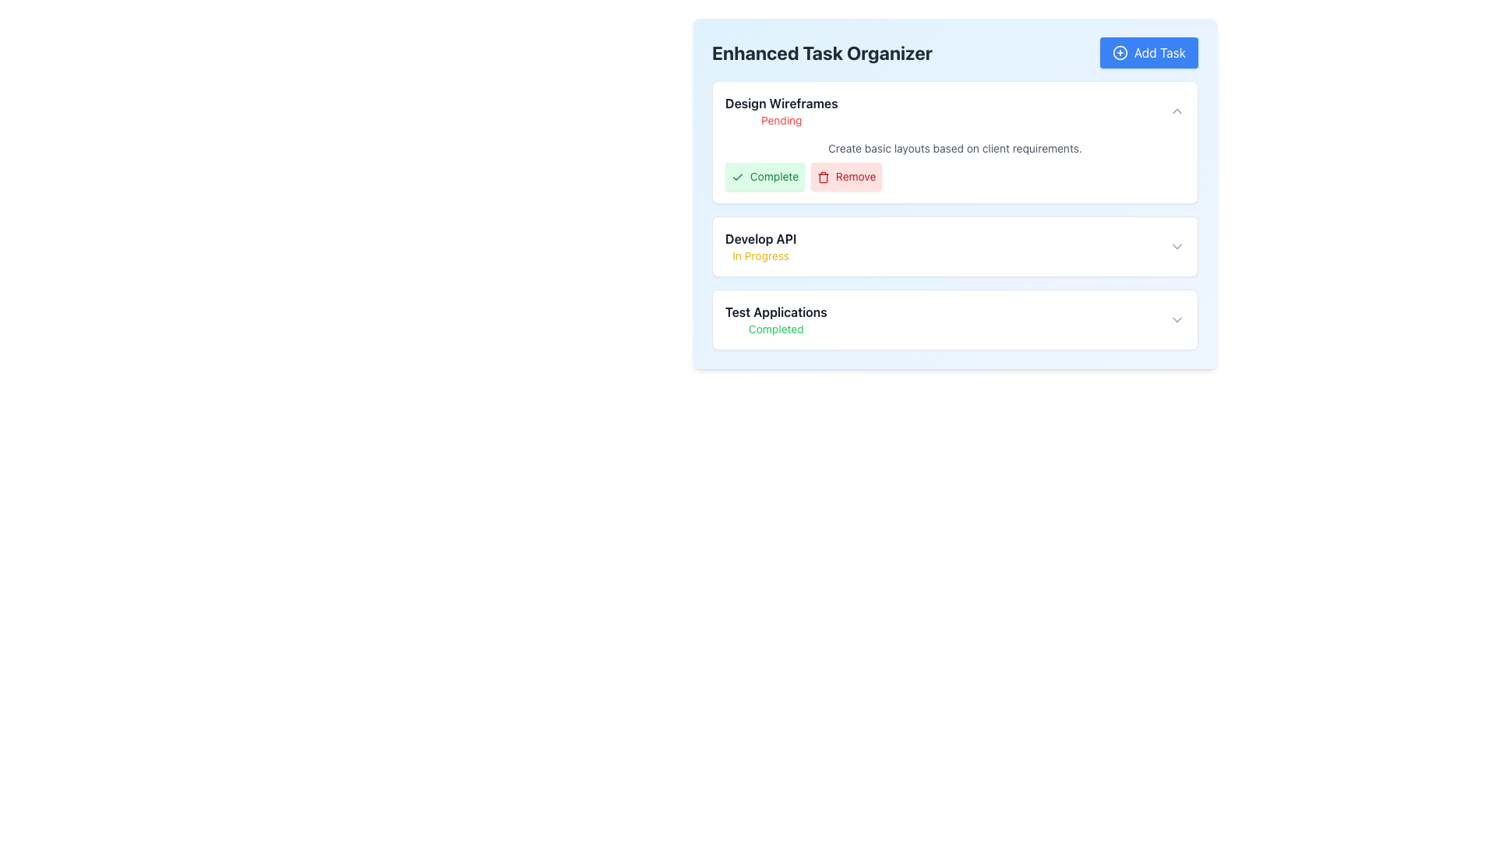  Describe the element at coordinates (845, 176) in the screenshot. I see `the 'remove' button located to the right of the 'Complete' button in the 'Design Wireframes' task card` at that location.